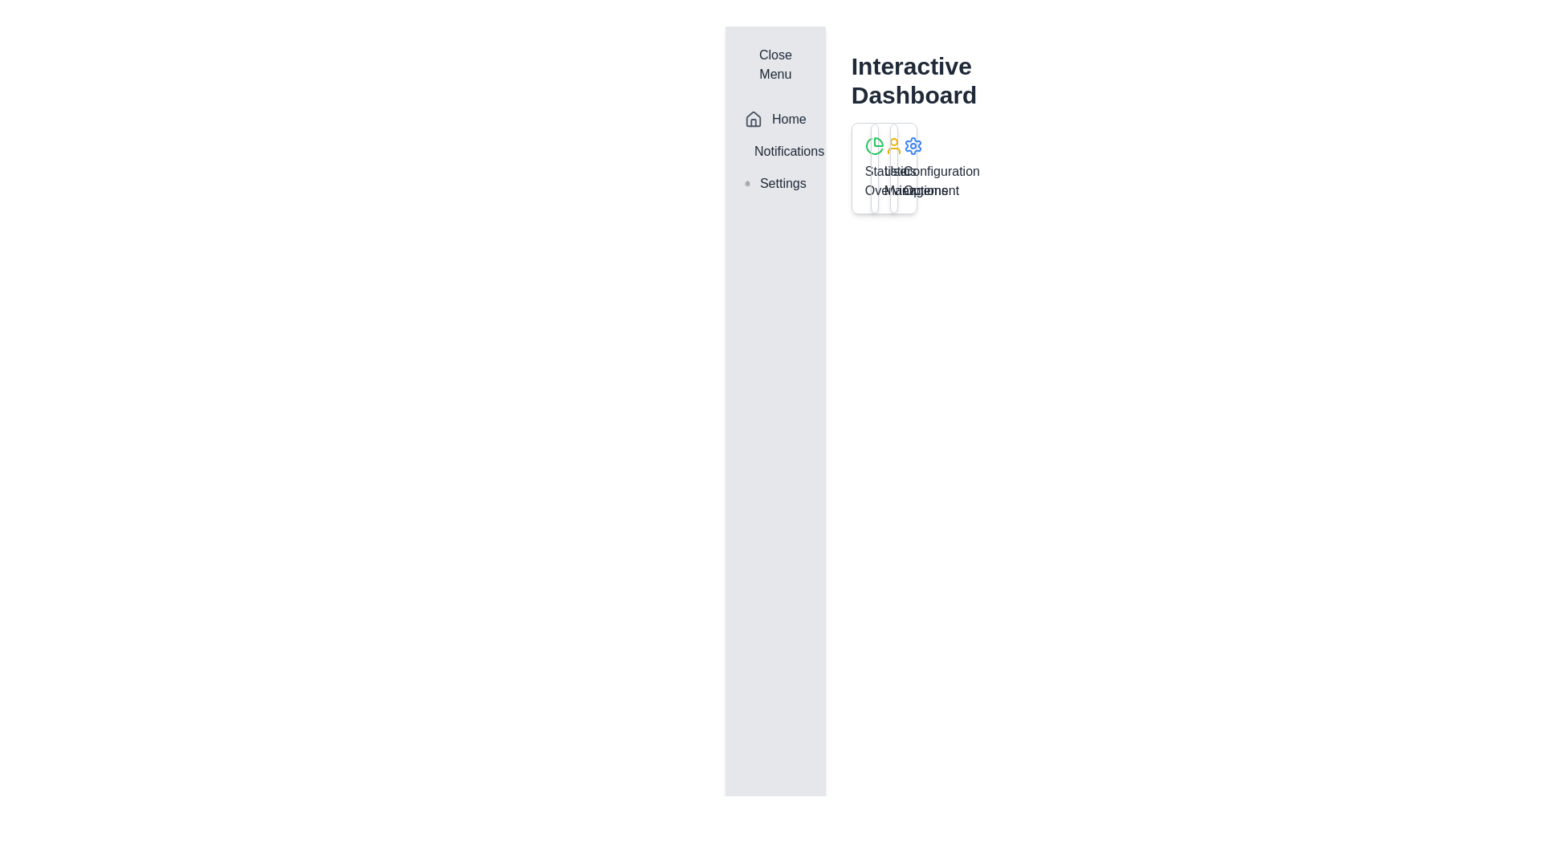 The height and width of the screenshot is (867, 1541). What do you see at coordinates (883, 168) in the screenshot?
I see `the User Management card, which is the second card in a row of three` at bounding box center [883, 168].